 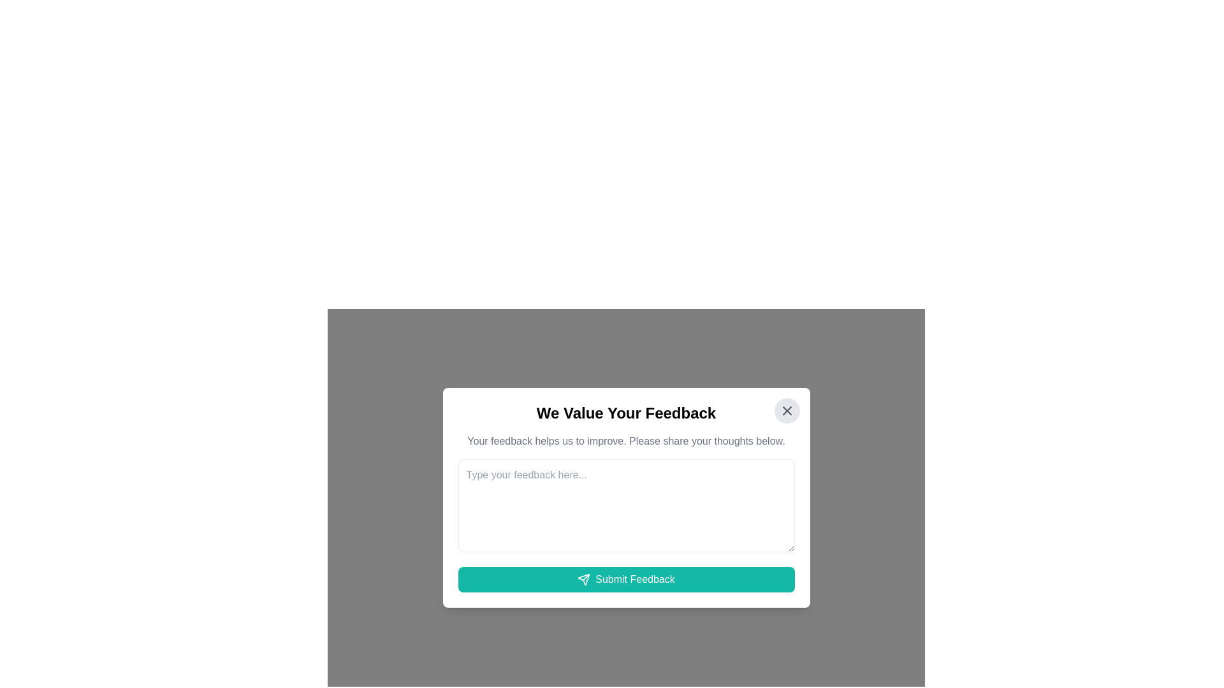 What do you see at coordinates (786, 410) in the screenshot?
I see `the Close button represented by a diagonal cross (X) icon in gray color located in the top-right corner of the modal dialog titled 'We Value Your Feedback'` at bounding box center [786, 410].